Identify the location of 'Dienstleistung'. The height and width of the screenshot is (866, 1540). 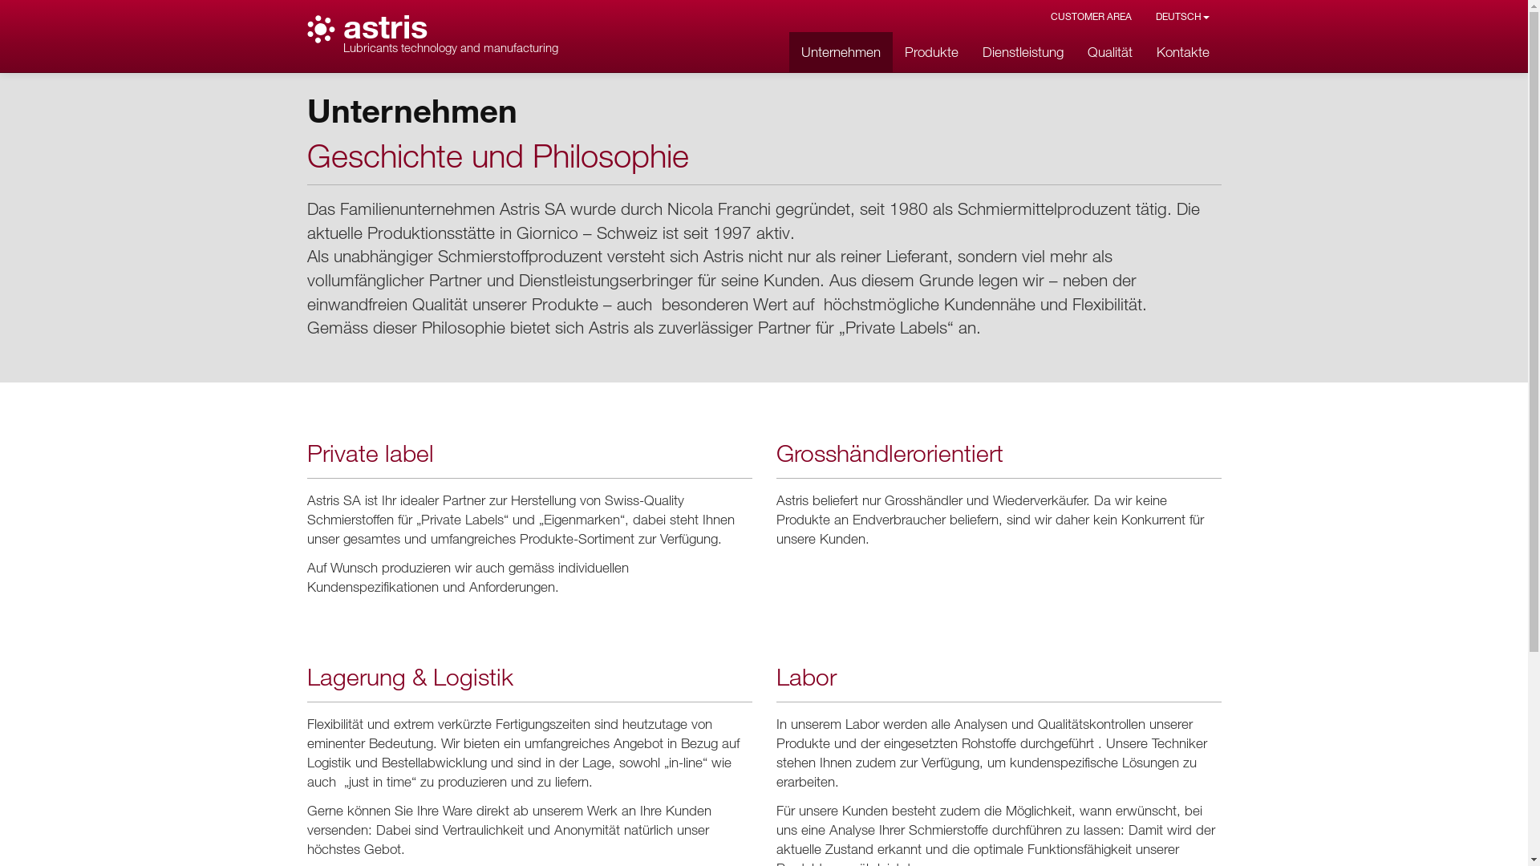
(1022, 51).